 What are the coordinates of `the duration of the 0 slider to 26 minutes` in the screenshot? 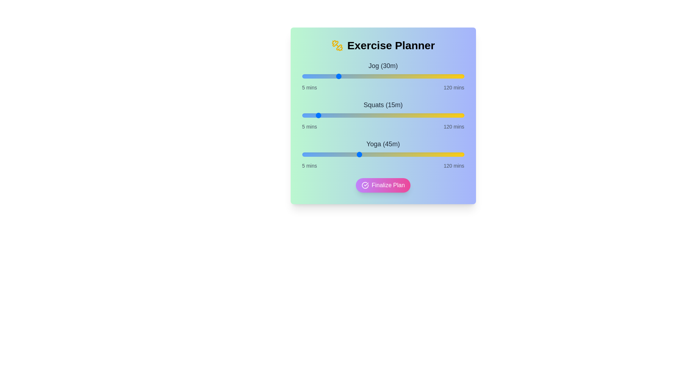 It's located at (331, 76).